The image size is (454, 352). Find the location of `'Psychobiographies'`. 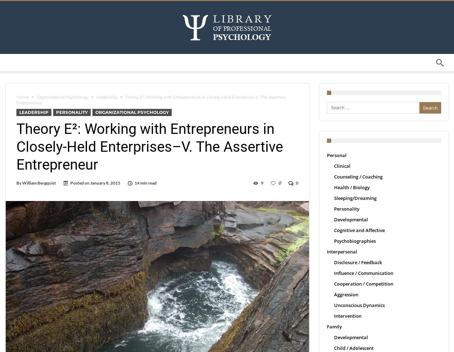

'Psychobiographies' is located at coordinates (354, 241).